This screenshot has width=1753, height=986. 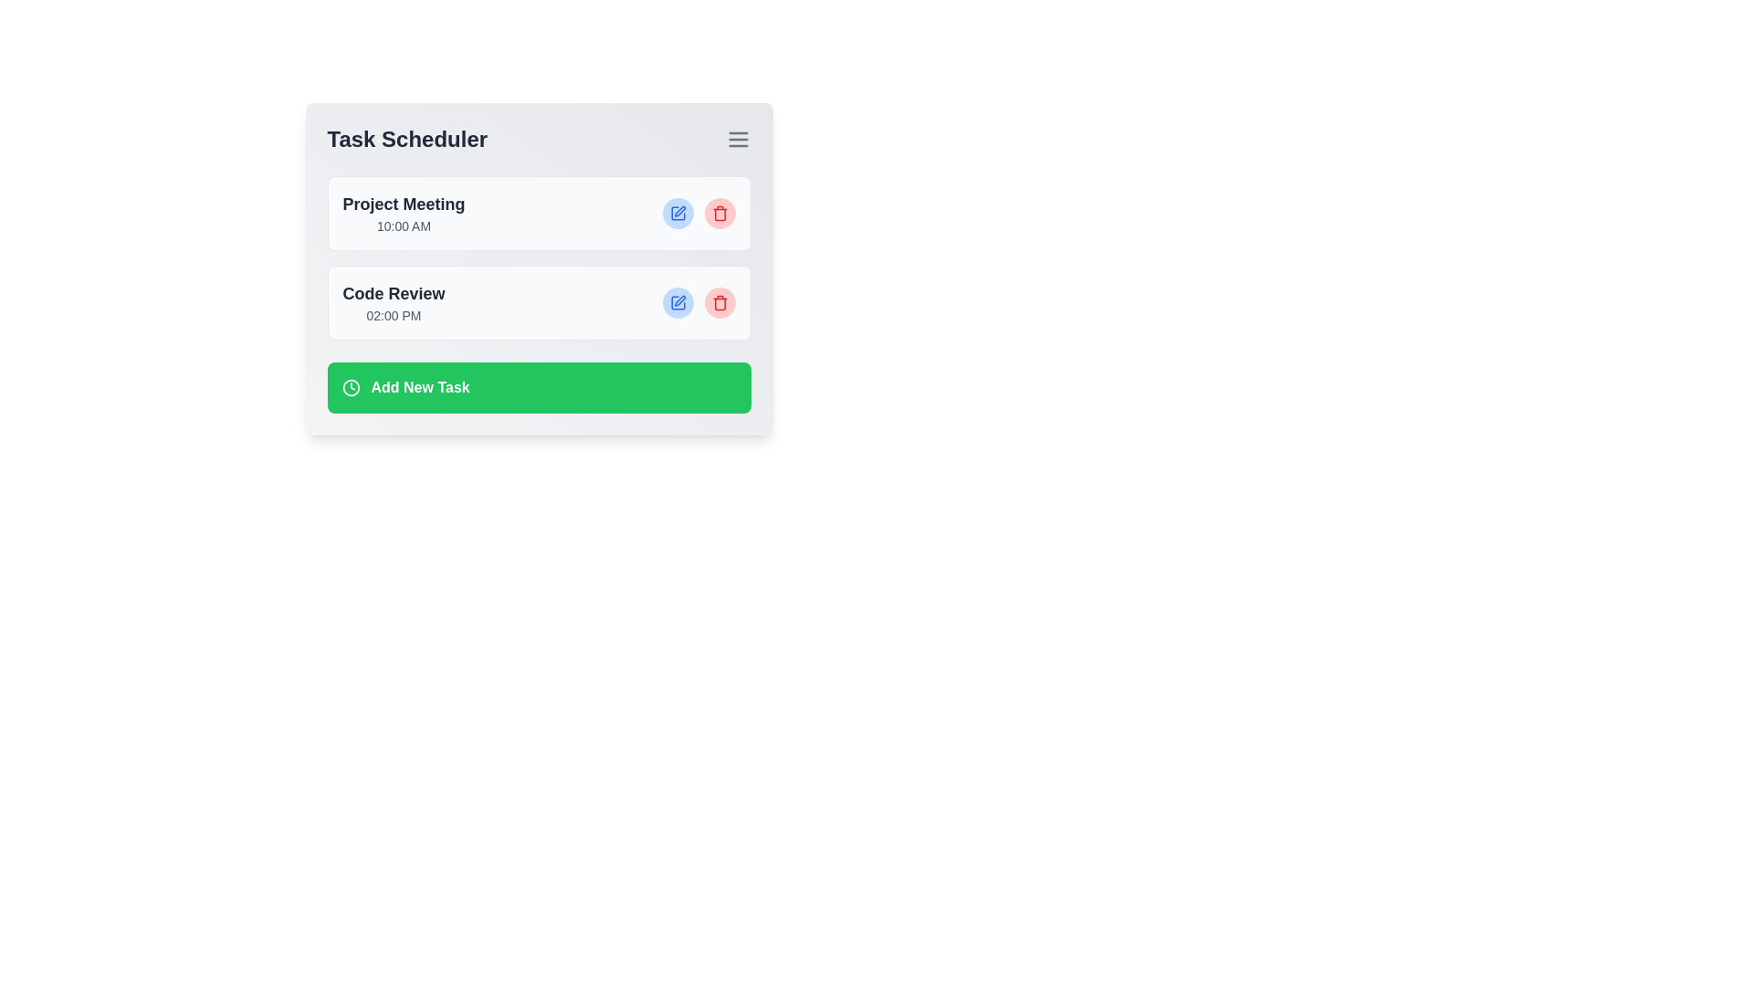 What do you see at coordinates (677, 301) in the screenshot?
I see `the edit icon button located to the right of the 'Code Review' task in the 'Task Scheduler' interface` at bounding box center [677, 301].